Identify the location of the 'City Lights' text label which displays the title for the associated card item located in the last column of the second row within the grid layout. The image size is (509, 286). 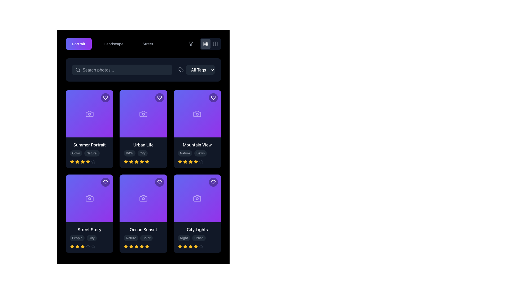
(197, 229).